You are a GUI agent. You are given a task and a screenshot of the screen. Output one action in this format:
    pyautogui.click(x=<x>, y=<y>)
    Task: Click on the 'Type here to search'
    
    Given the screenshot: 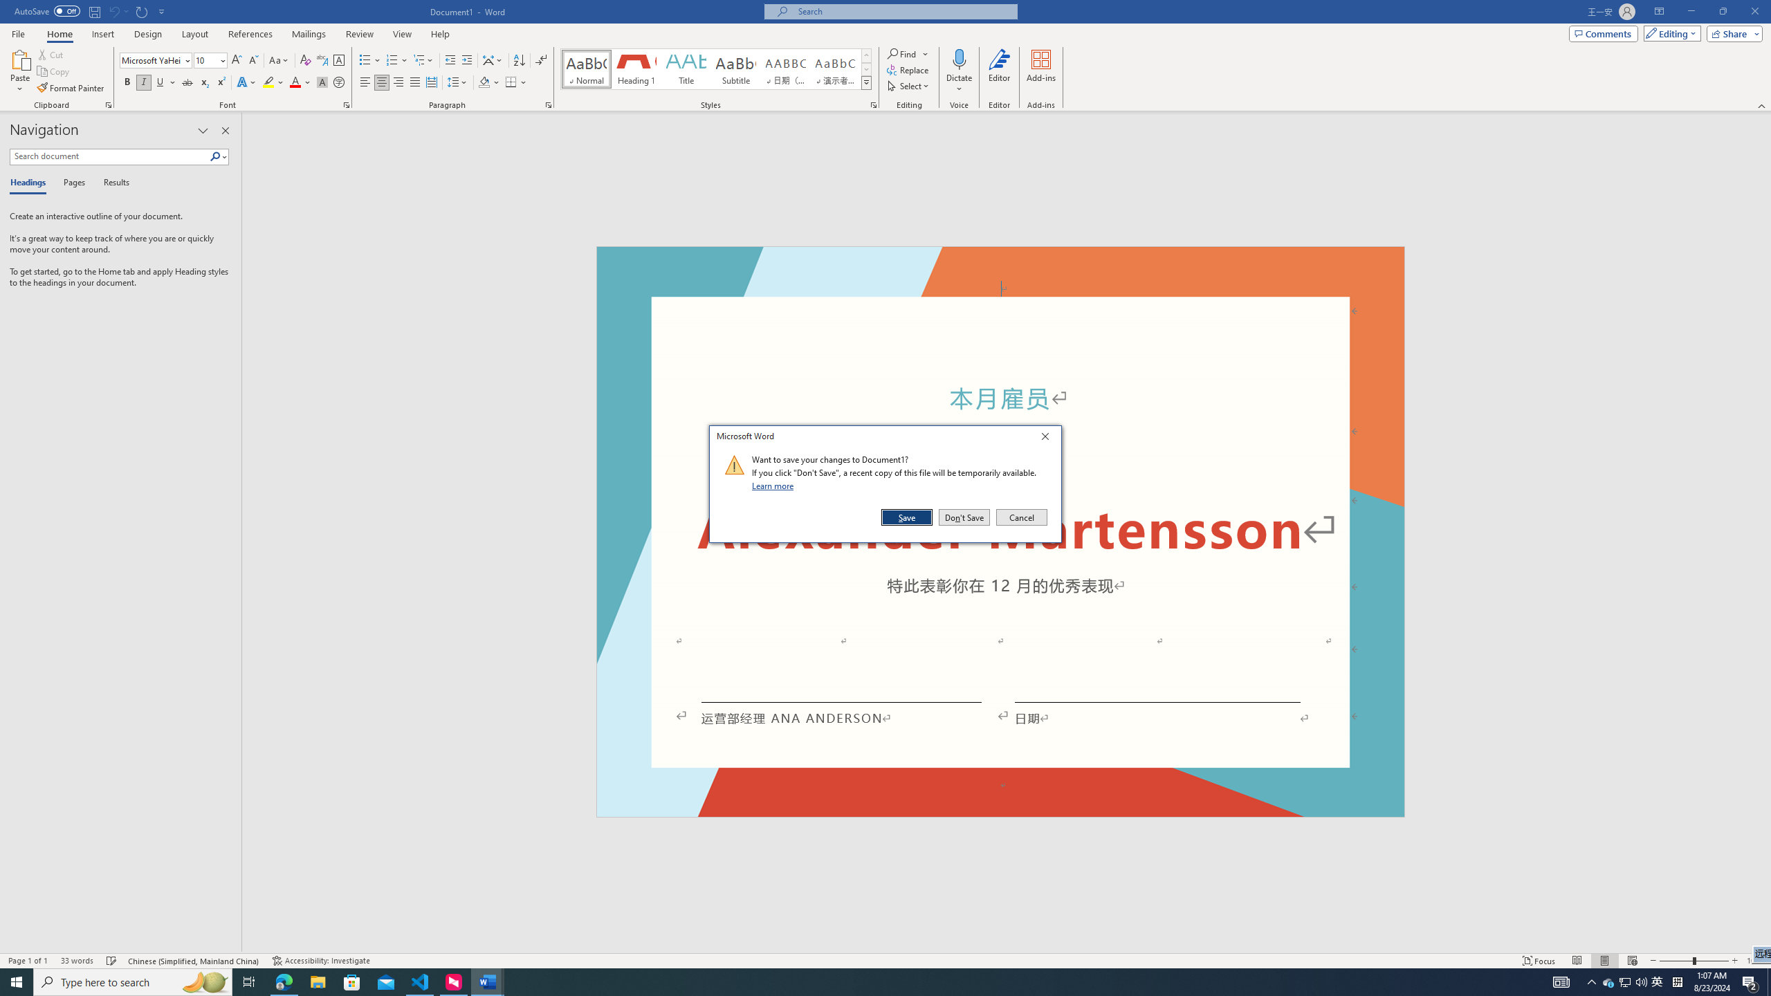 What is the action you would take?
    pyautogui.click(x=132, y=981)
    